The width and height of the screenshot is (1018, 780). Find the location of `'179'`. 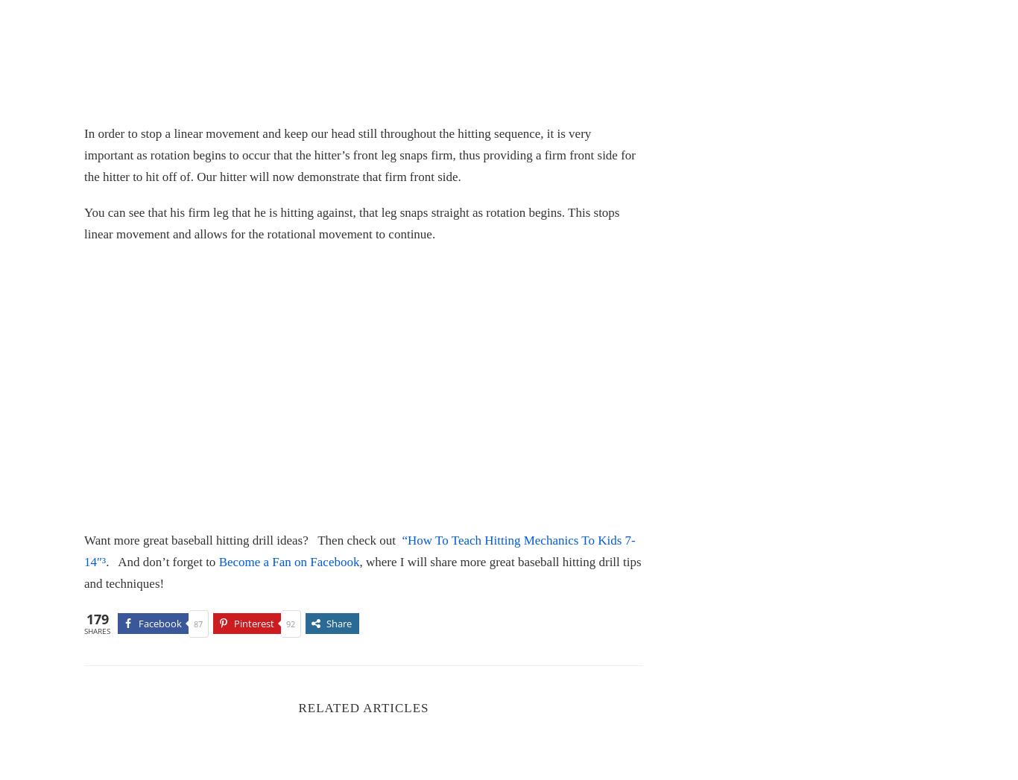

'179' is located at coordinates (96, 619).